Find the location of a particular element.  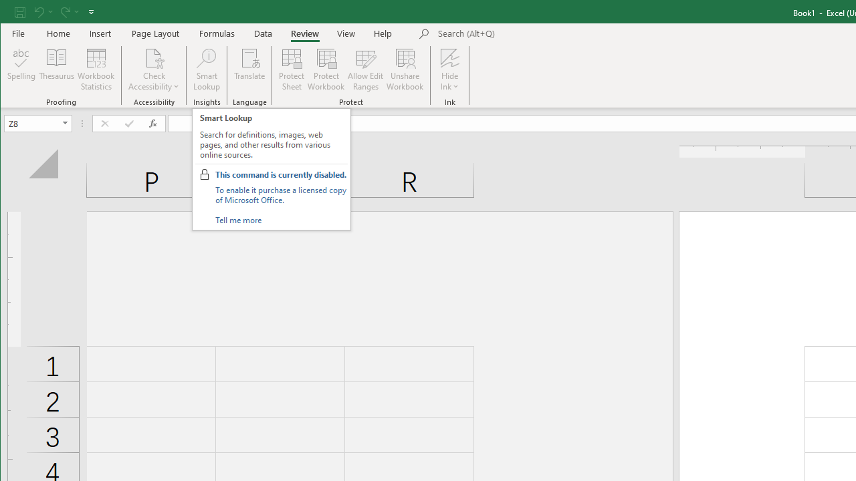

'Home' is located at coordinates (58, 33).